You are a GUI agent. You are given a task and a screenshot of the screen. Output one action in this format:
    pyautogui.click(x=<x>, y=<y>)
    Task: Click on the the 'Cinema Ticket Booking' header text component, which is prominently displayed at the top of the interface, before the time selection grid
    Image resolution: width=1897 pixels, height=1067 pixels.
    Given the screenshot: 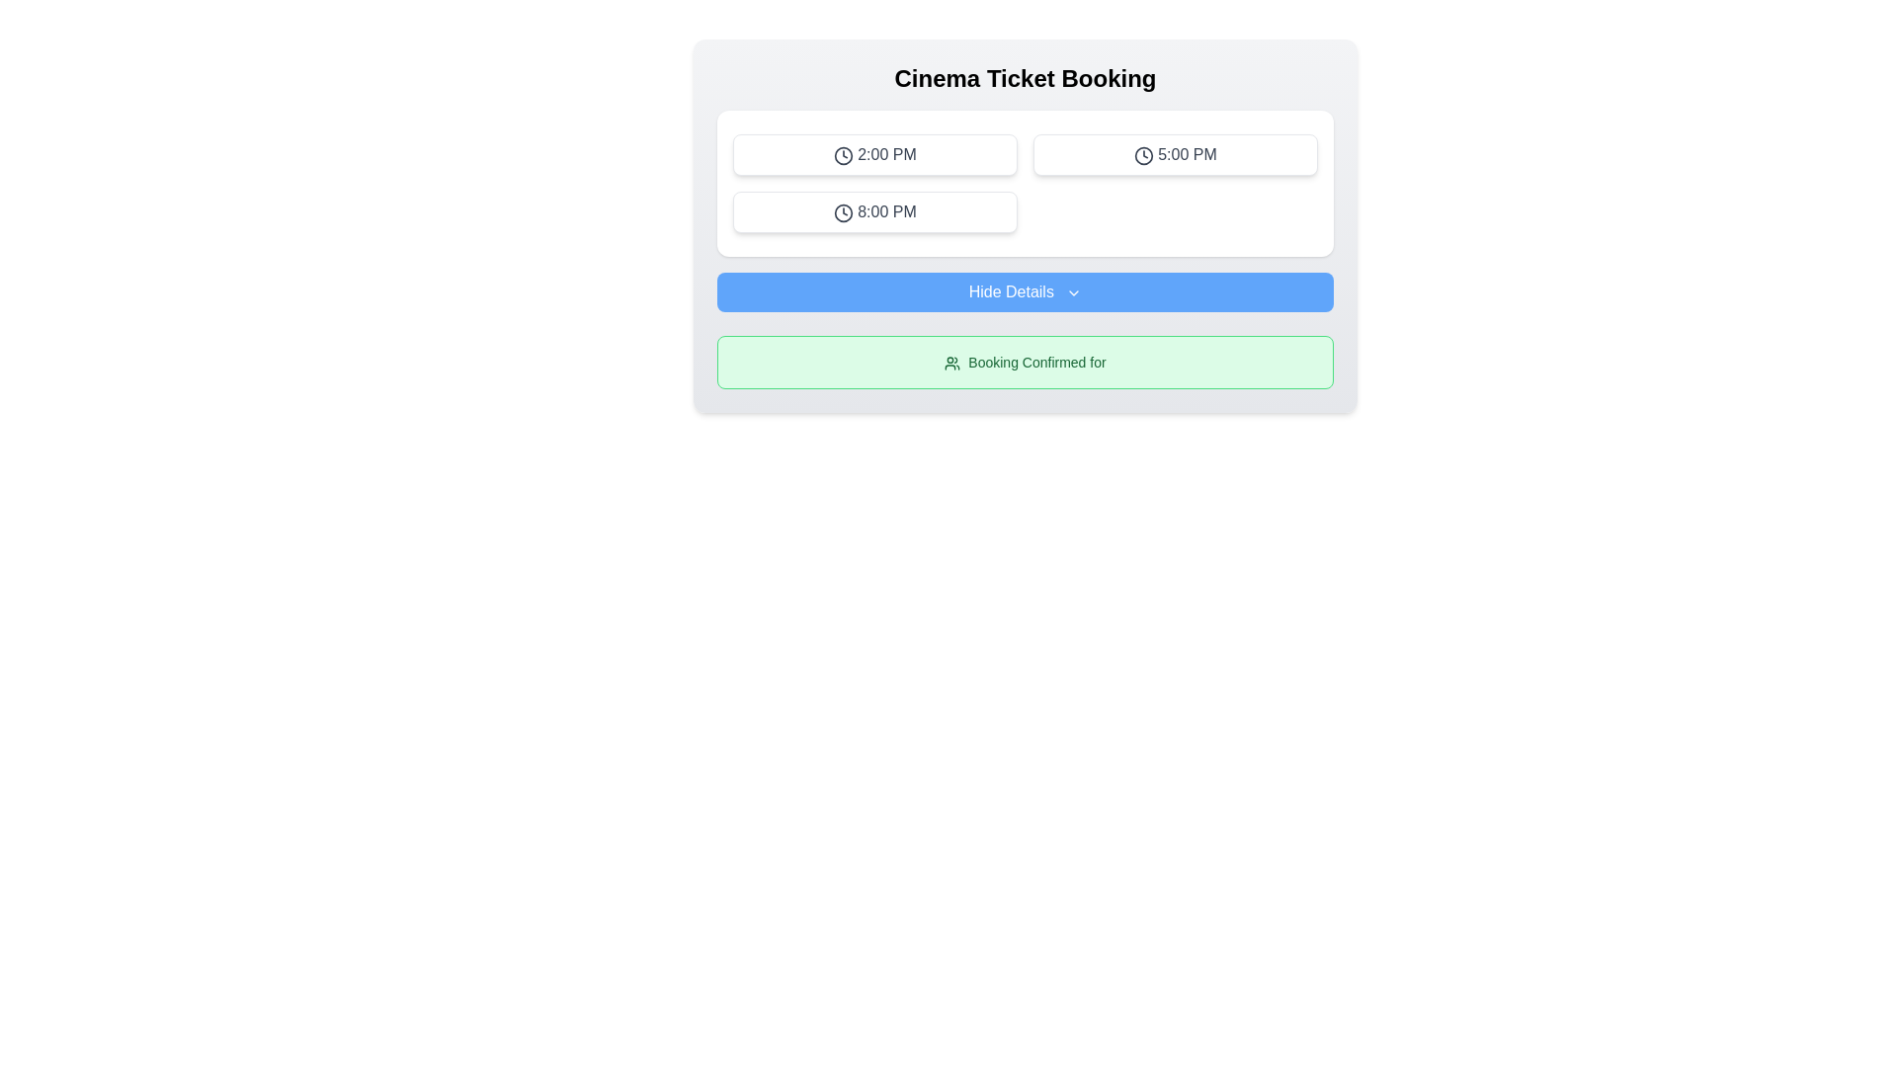 What is the action you would take?
    pyautogui.click(x=1025, y=78)
    